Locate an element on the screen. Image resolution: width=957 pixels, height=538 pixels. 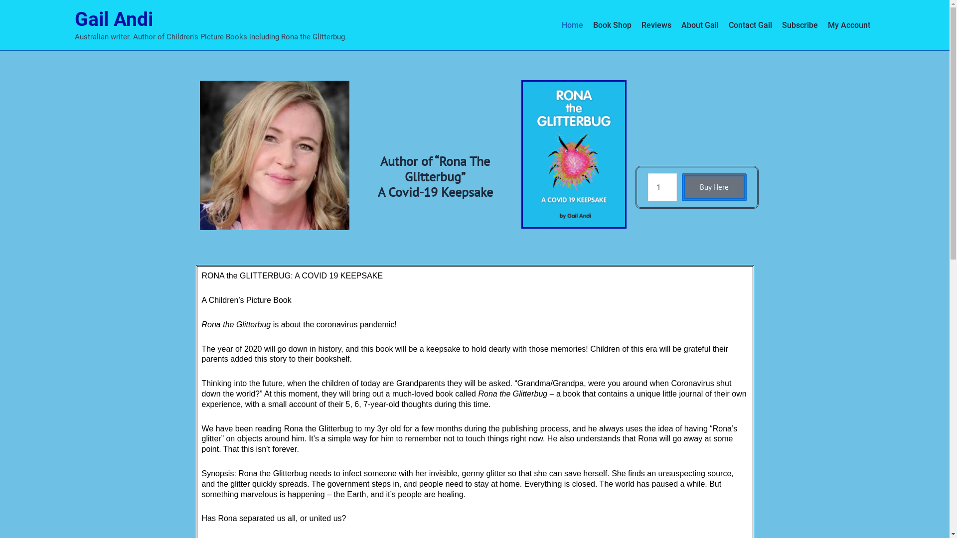
'Gail Andi' is located at coordinates (74, 19).